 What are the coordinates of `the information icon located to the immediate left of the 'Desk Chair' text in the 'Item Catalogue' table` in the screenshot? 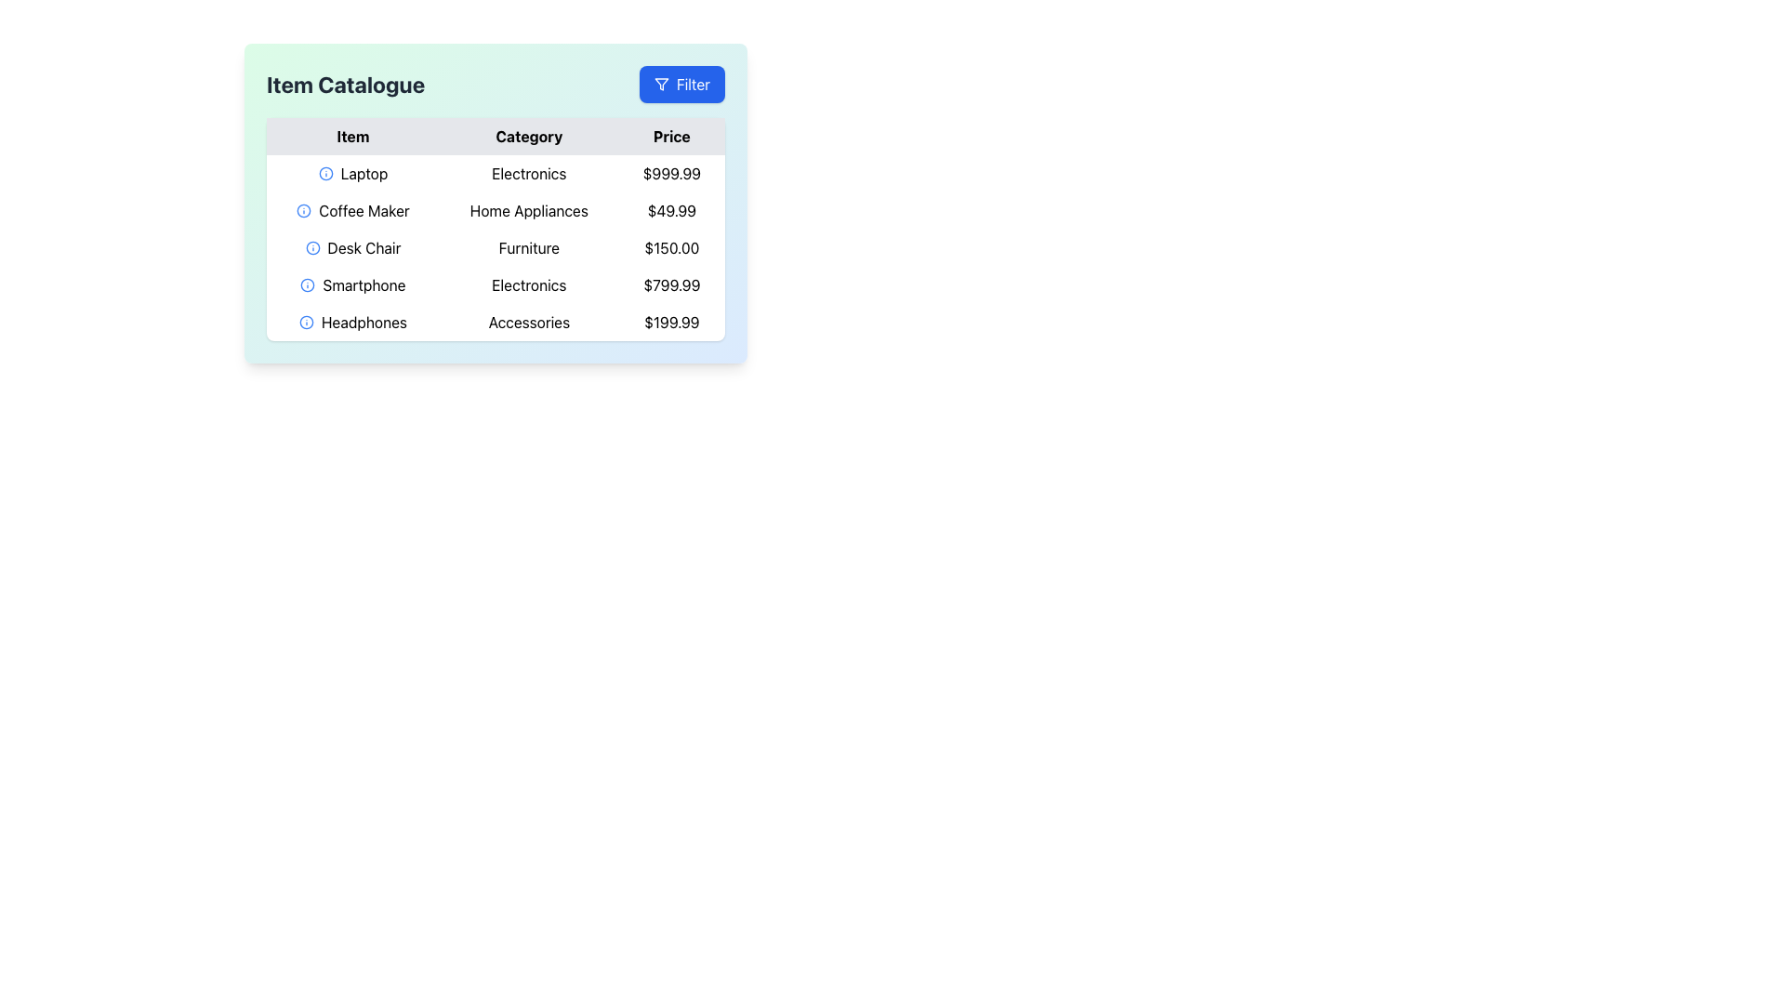 It's located at (312, 246).